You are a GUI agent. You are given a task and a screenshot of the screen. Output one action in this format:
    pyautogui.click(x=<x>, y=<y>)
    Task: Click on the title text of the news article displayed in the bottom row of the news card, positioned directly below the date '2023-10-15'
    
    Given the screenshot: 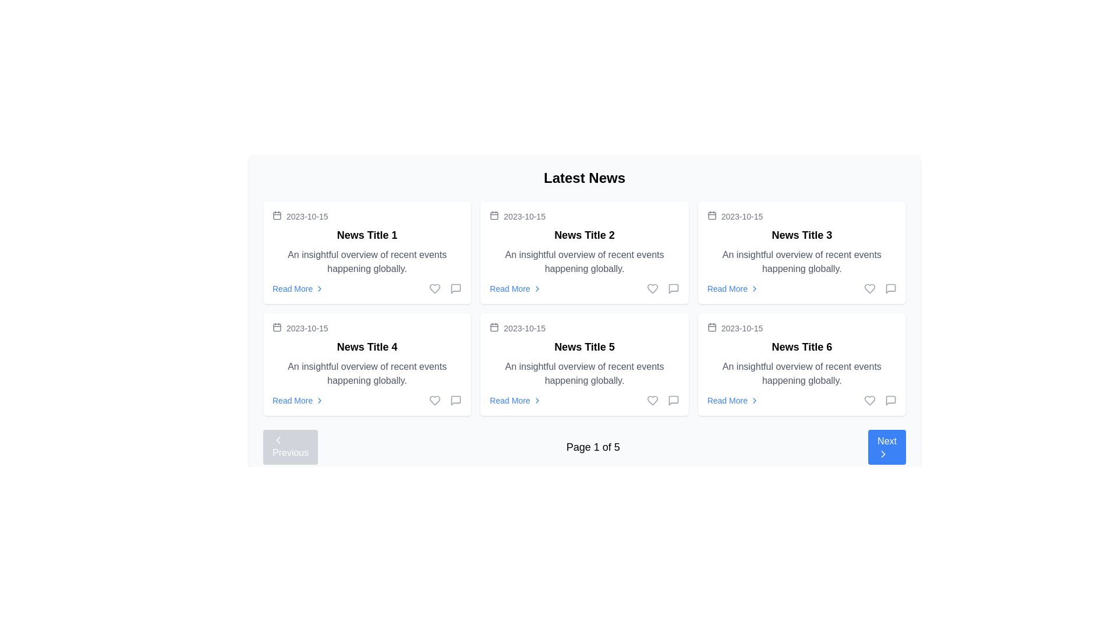 What is the action you would take?
    pyautogui.click(x=801, y=347)
    